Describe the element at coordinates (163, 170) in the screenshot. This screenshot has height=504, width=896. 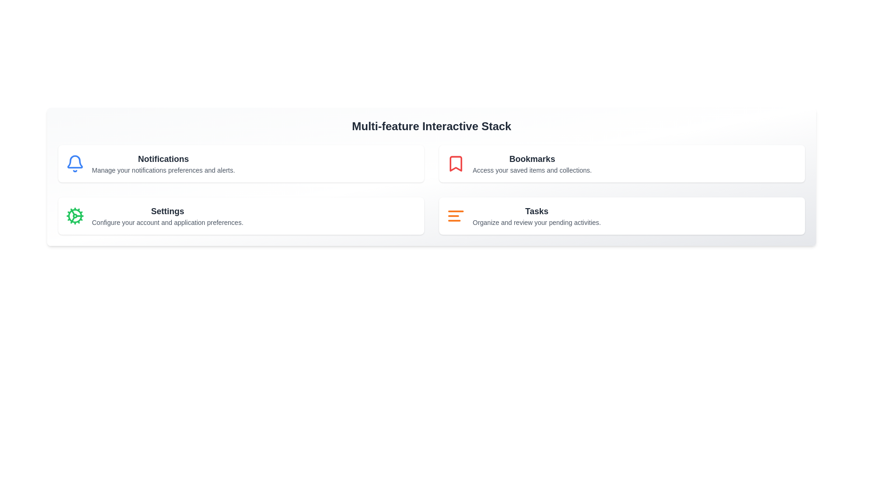
I see `text label providing a description about managing notification settings and alerts, located below the 'Notifications' heading` at that location.